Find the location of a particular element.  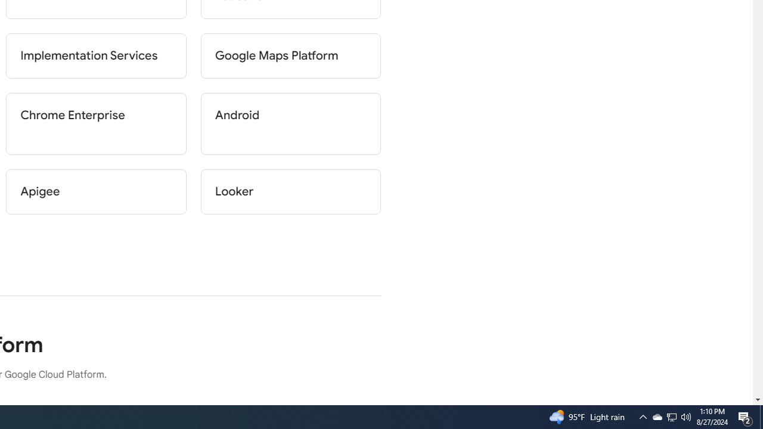

'Android' is located at coordinates (290, 124).